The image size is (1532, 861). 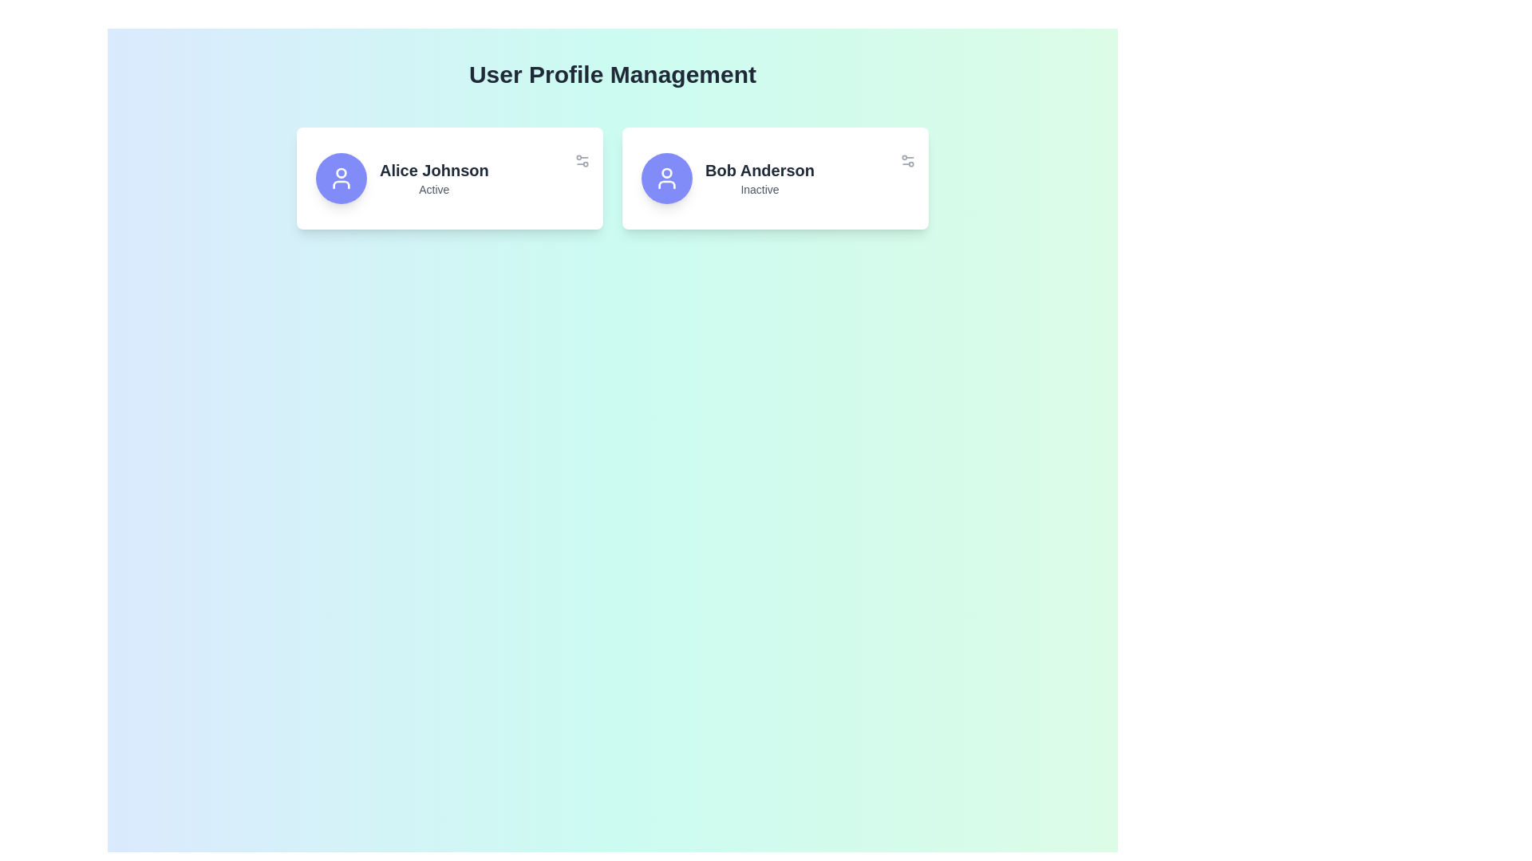 What do you see at coordinates (666, 172) in the screenshot?
I see `the SVG circle element that represents the head of the user profile for 'Bob Anderson' by moving the cursor to its center` at bounding box center [666, 172].